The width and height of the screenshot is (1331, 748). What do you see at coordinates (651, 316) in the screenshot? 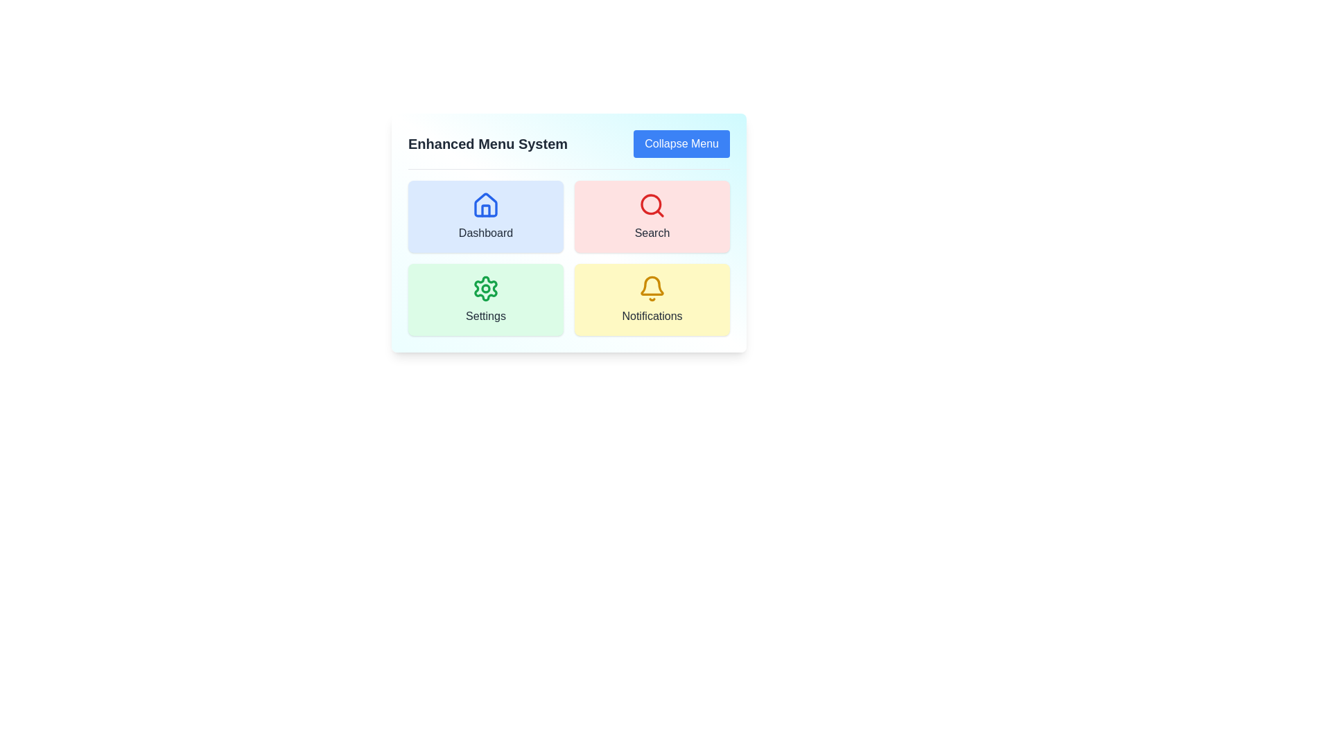
I see `the 'Notifications' label, which is styled in gray within a yellow background card, located in the bottom-right corner of the highlighted card` at bounding box center [651, 316].